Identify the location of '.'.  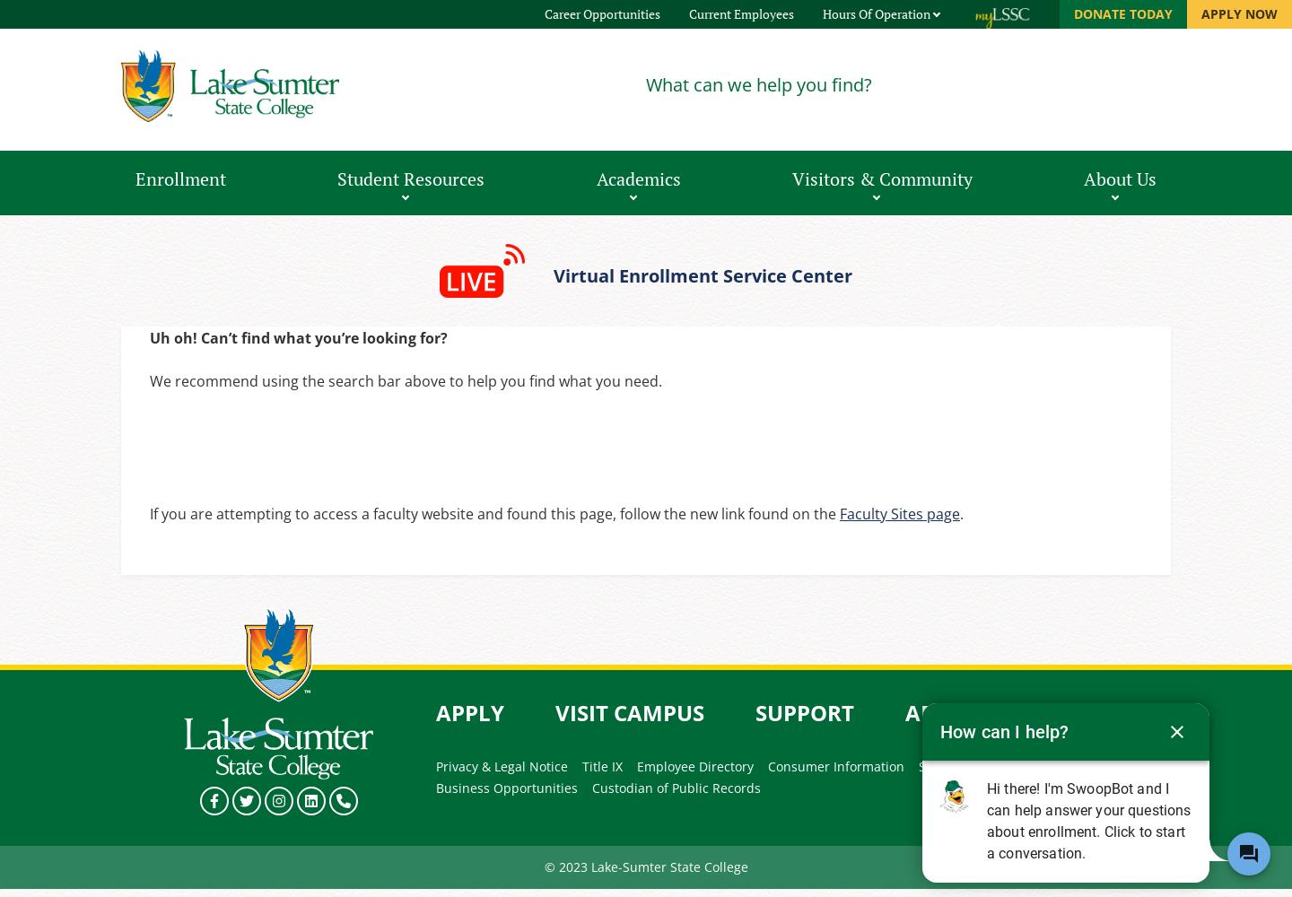
(961, 513).